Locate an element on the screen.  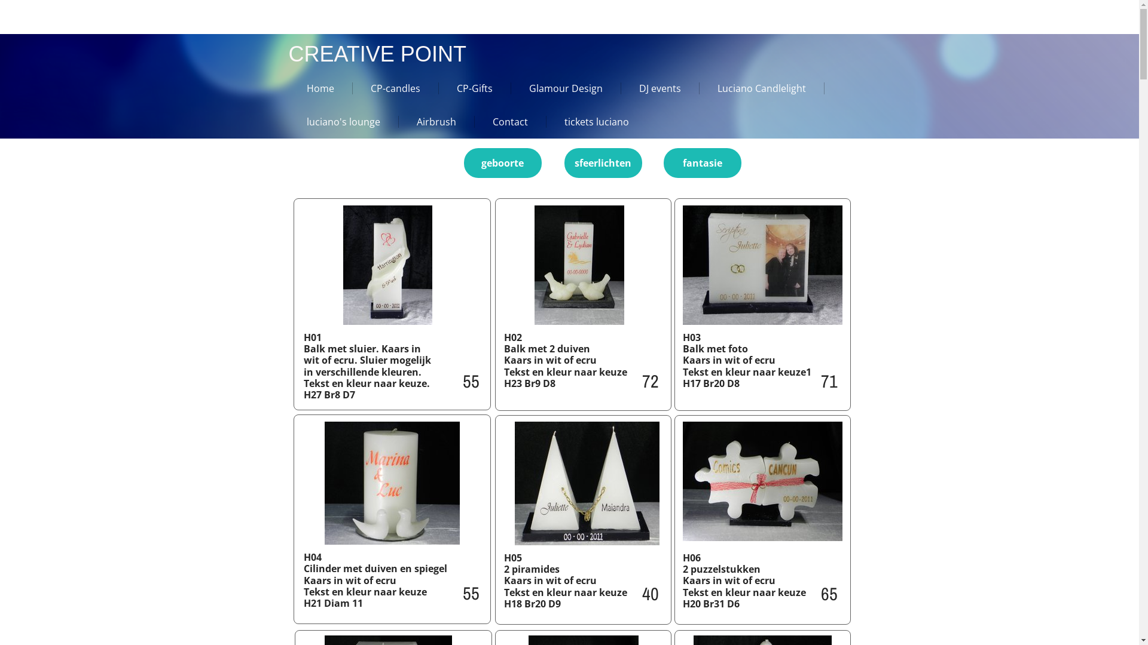
'Contact' is located at coordinates (474, 122).